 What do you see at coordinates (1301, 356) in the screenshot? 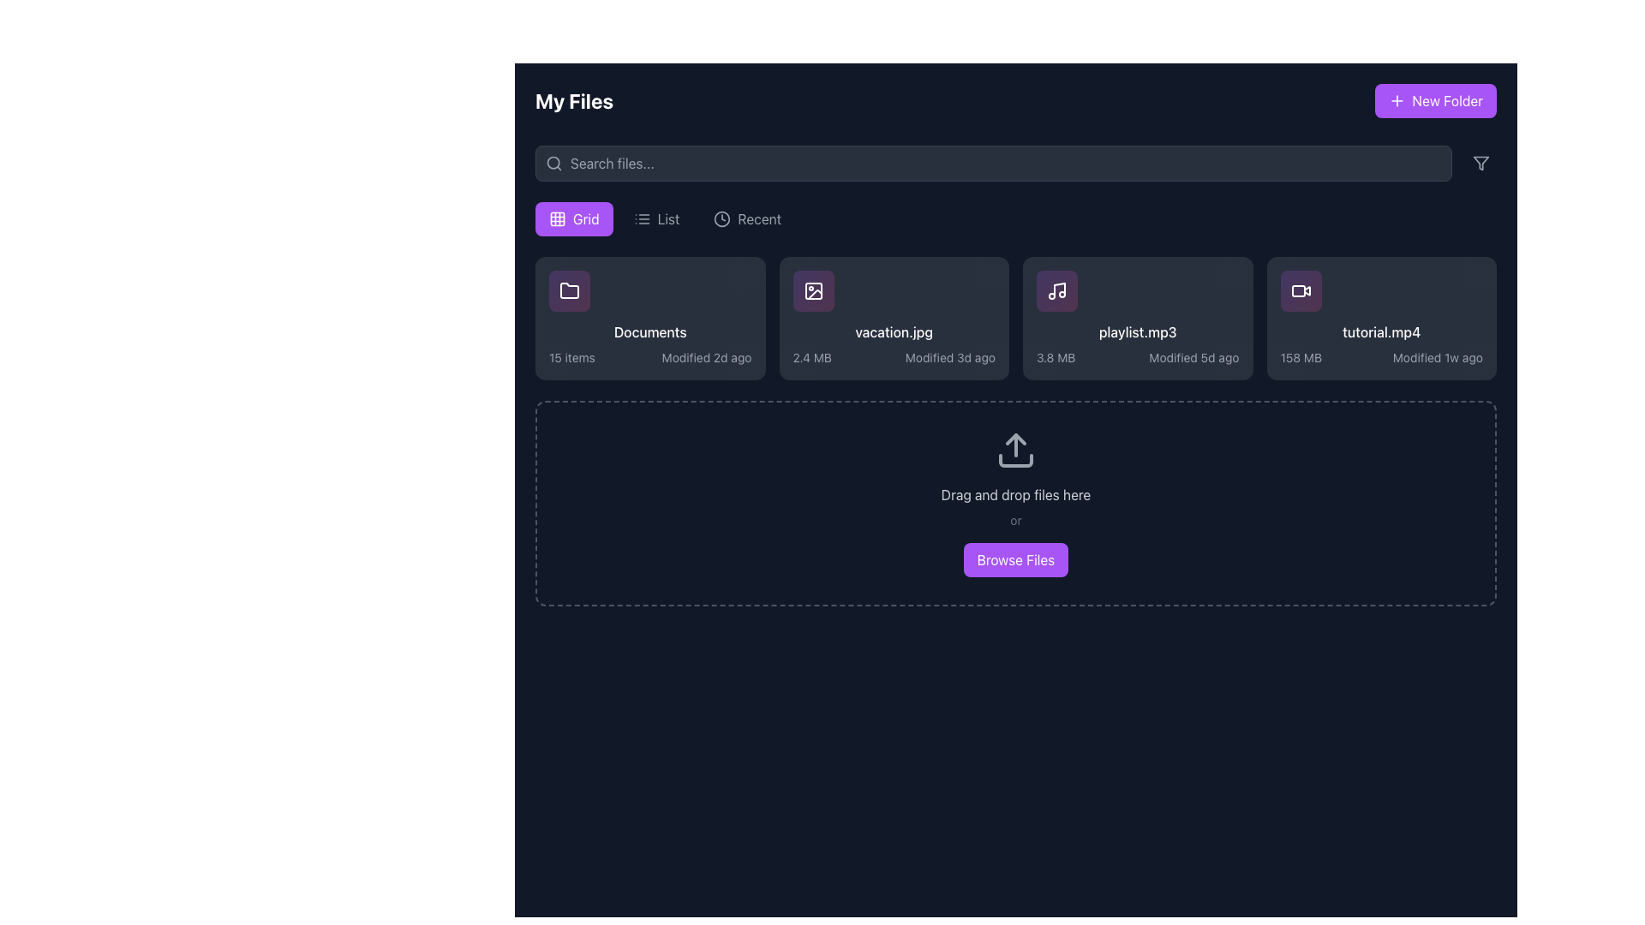
I see `the Text Label that provides information about the file size of 'tutorial.mp4', positioned below its thumbnail and aligned to the left of 'Modified 1w ago'` at bounding box center [1301, 356].